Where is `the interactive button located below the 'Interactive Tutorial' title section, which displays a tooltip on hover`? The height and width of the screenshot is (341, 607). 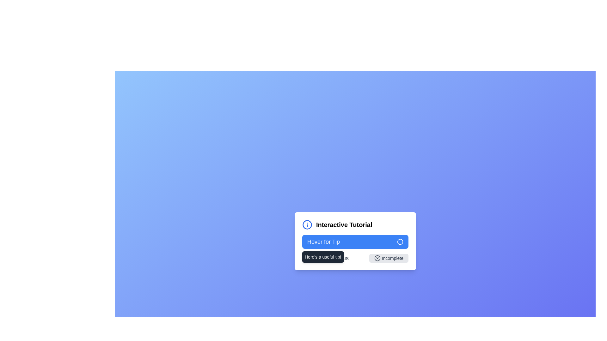
the interactive button located below the 'Interactive Tutorial' title section, which displays a tooltip on hover is located at coordinates (355, 241).